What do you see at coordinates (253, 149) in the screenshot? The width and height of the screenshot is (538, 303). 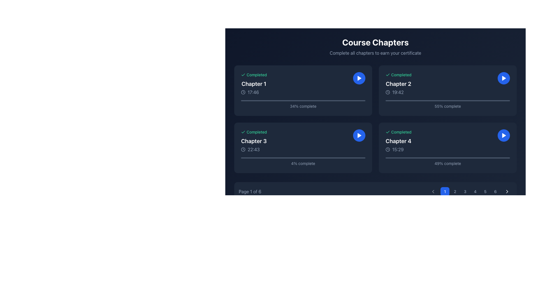 I see `the non-interactive text display showing the duration or timestamp for 'Chapter 3', located beside a clock icon in the lower section of the card` at bounding box center [253, 149].